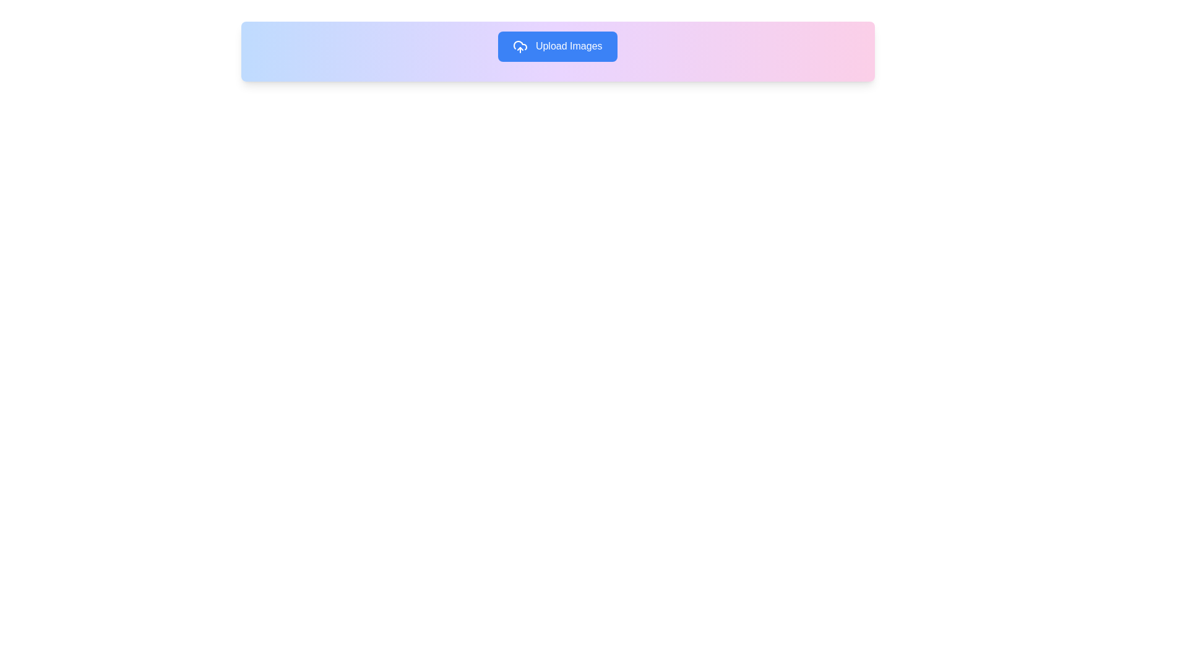 This screenshot has width=1188, height=668. I want to click on the cloud icon with an upward arrow on the blue button labeled 'Upload Images', so click(520, 46).